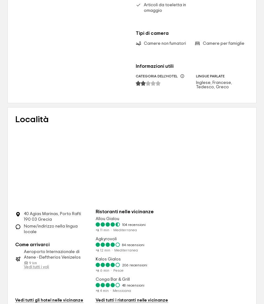  Describe the element at coordinates (101, 229) in the screenshot. I see `'11'` at that location.